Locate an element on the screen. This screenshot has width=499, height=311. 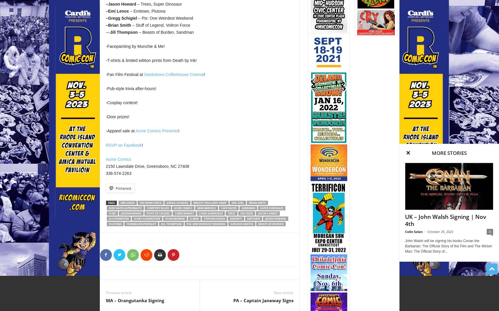
'comicmarket' is located at coordinates (174, 213).